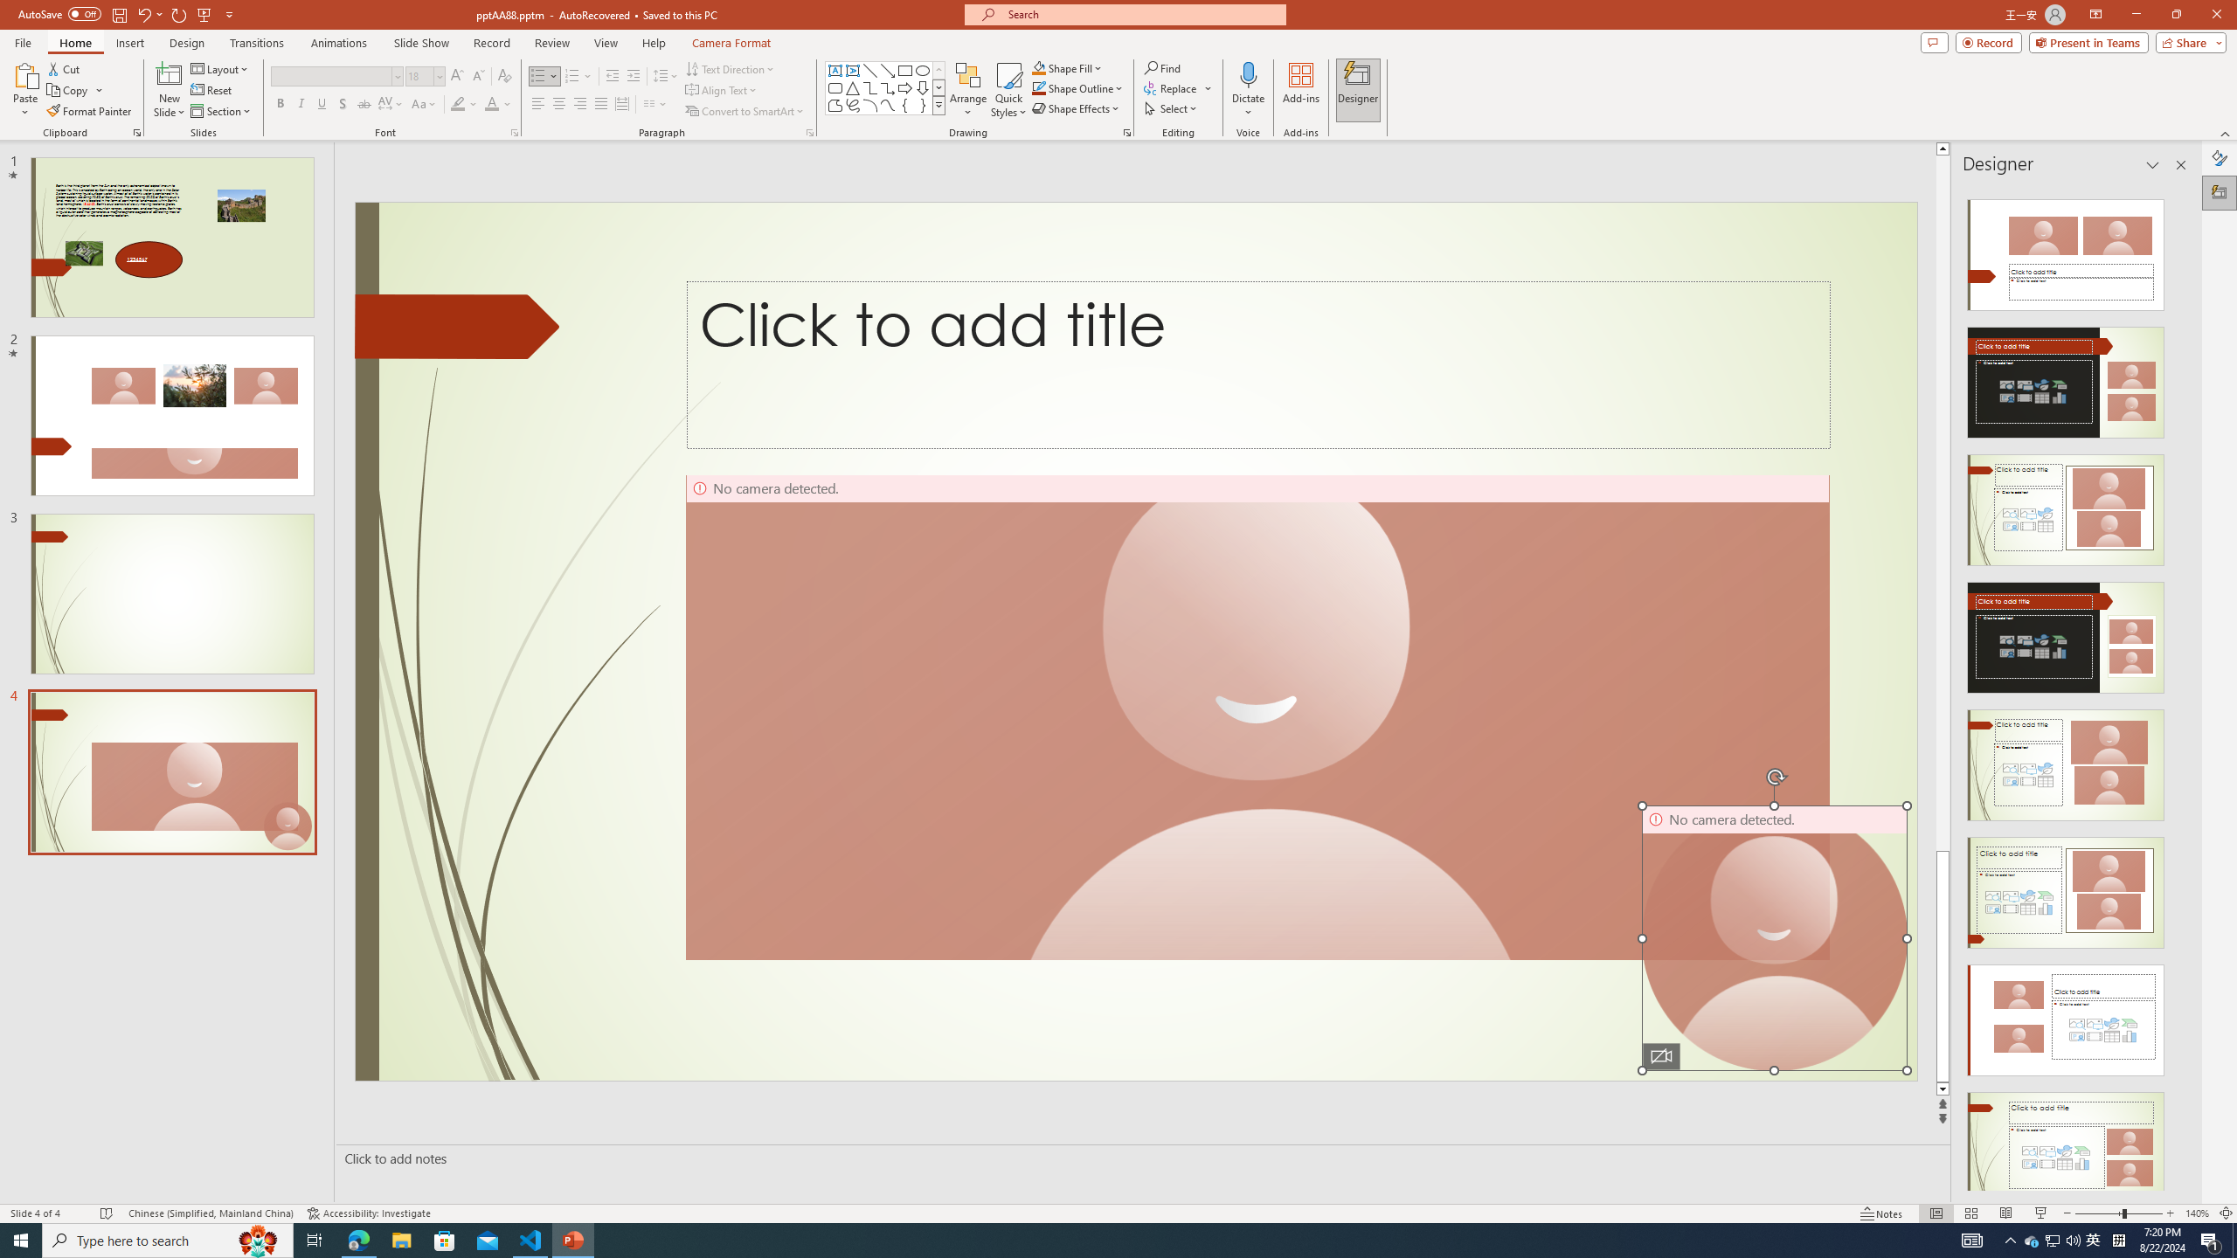 The width and height of the screenshot is (2237, 1258). What do you see at coordinates (2186, 41) in the screenshot?
I see `'Share'` at bounding box center [2186, 41].